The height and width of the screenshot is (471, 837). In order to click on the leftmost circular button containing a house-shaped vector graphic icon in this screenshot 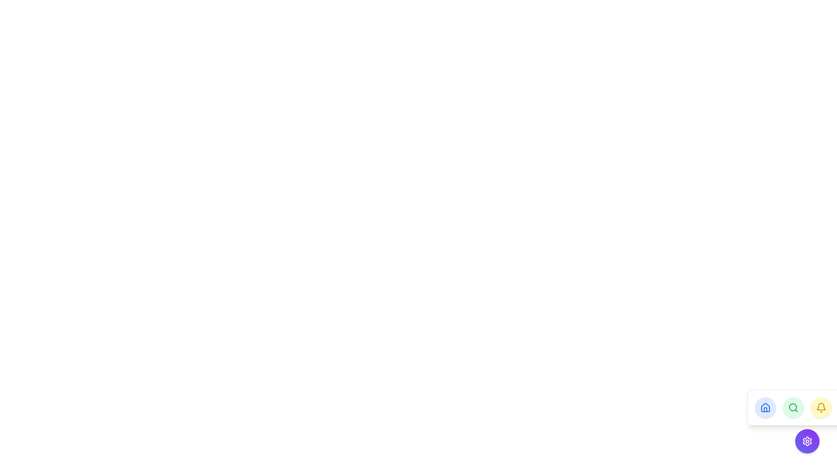, I will do `click(765, 407)`.